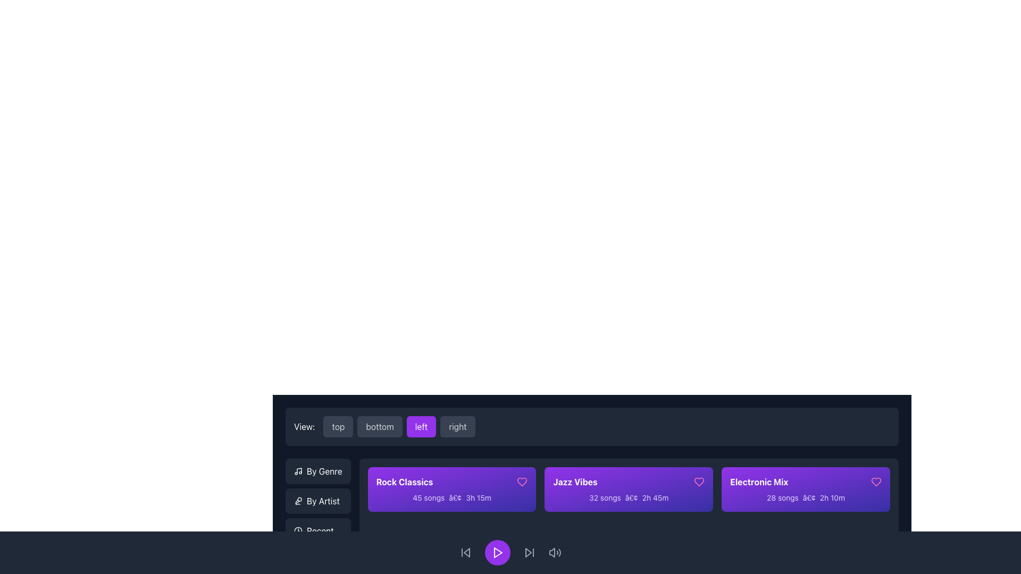 Image resolution: width=1021 pixels, height=574 pixels. I want to click on the heart button located in the top-right corner of the 'Rock Classics' card, so click(522, 482).